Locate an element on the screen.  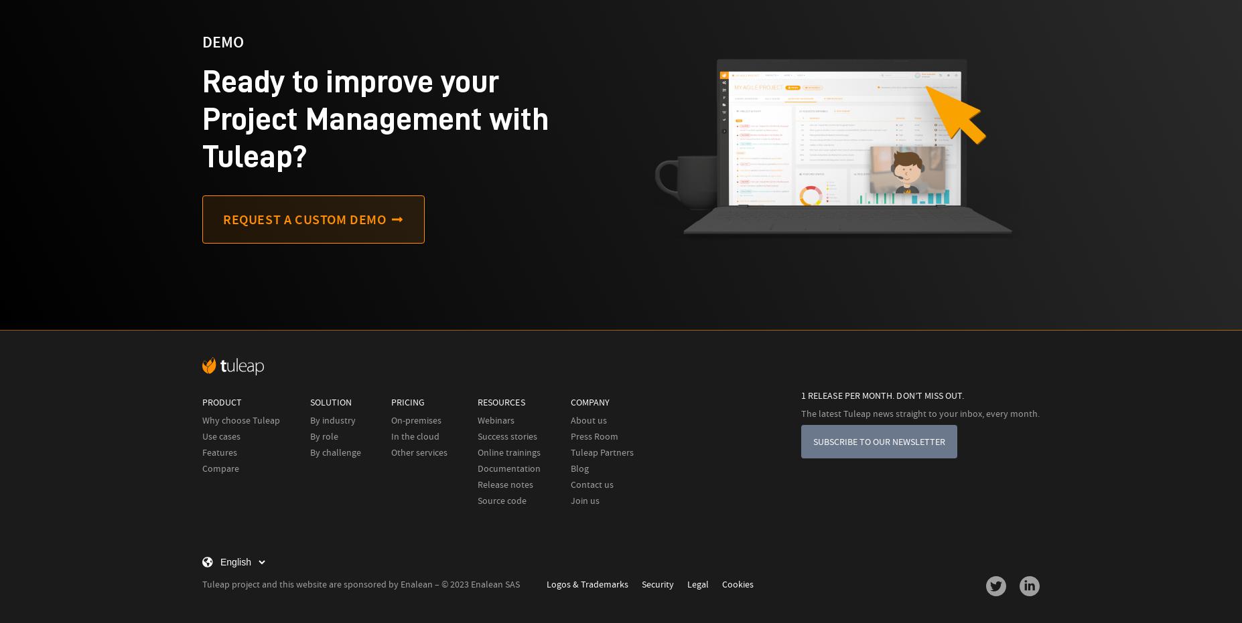
'demo' is located at coordinates (222, 41).